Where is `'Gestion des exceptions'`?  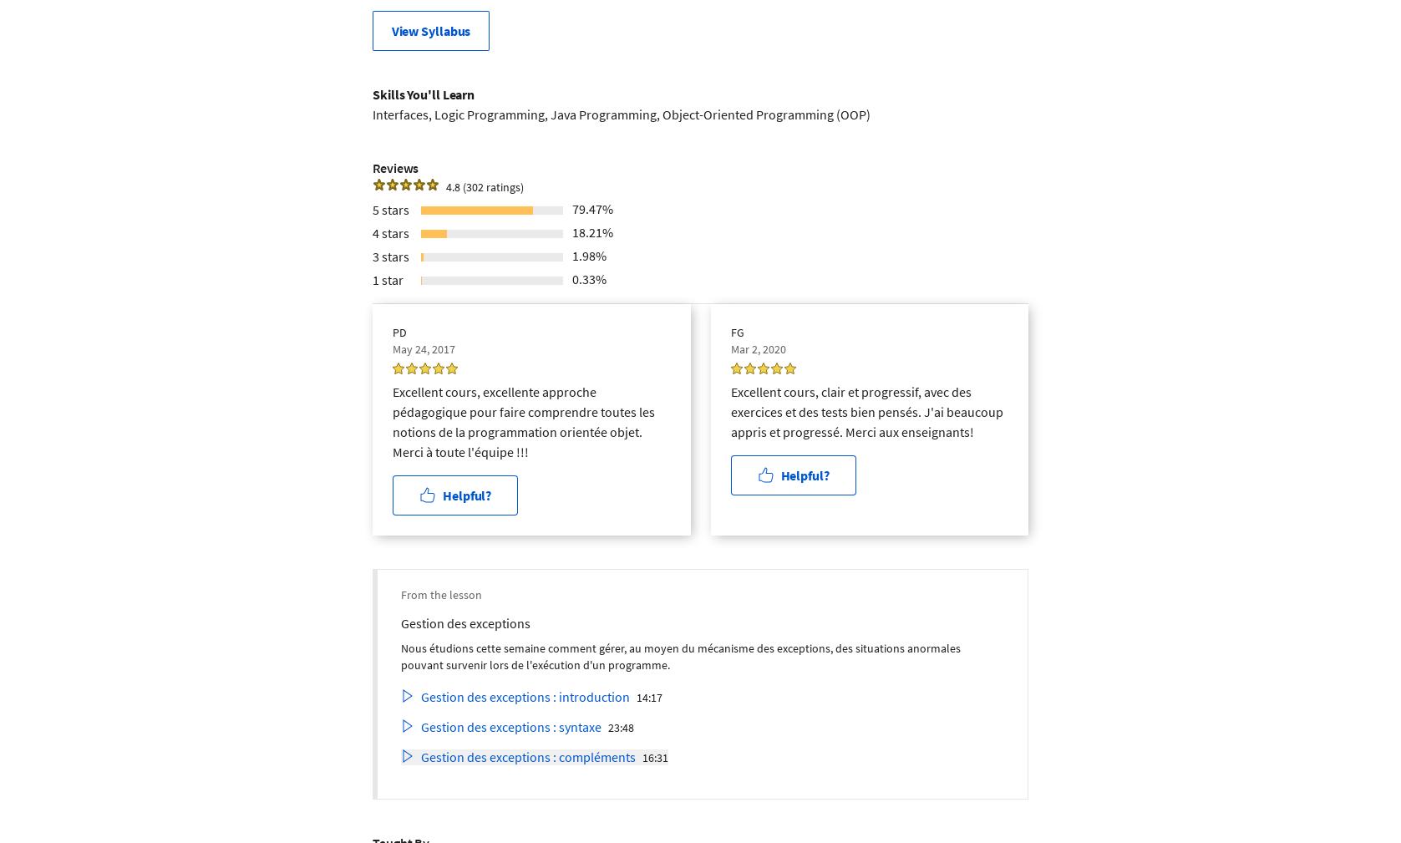
'Gestion des exceptions' is located at coordinates (399, 622).